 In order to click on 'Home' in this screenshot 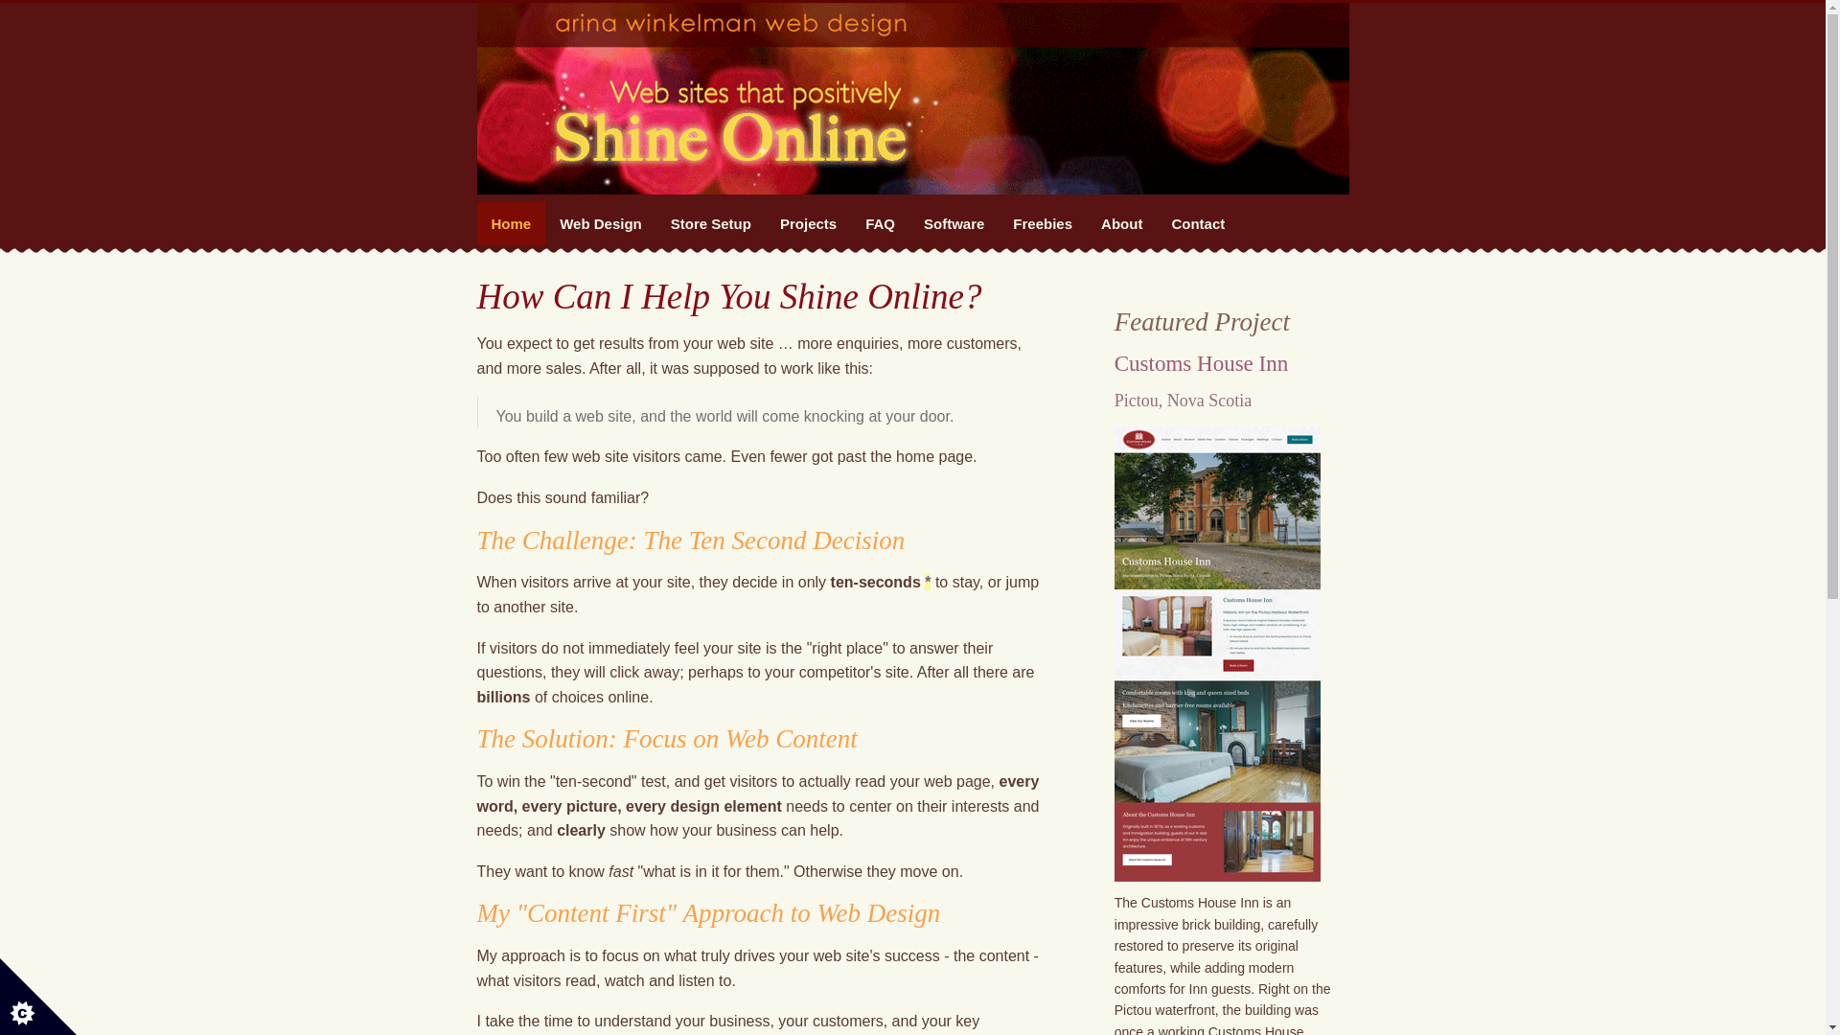, I will do `click(511, 222)`.